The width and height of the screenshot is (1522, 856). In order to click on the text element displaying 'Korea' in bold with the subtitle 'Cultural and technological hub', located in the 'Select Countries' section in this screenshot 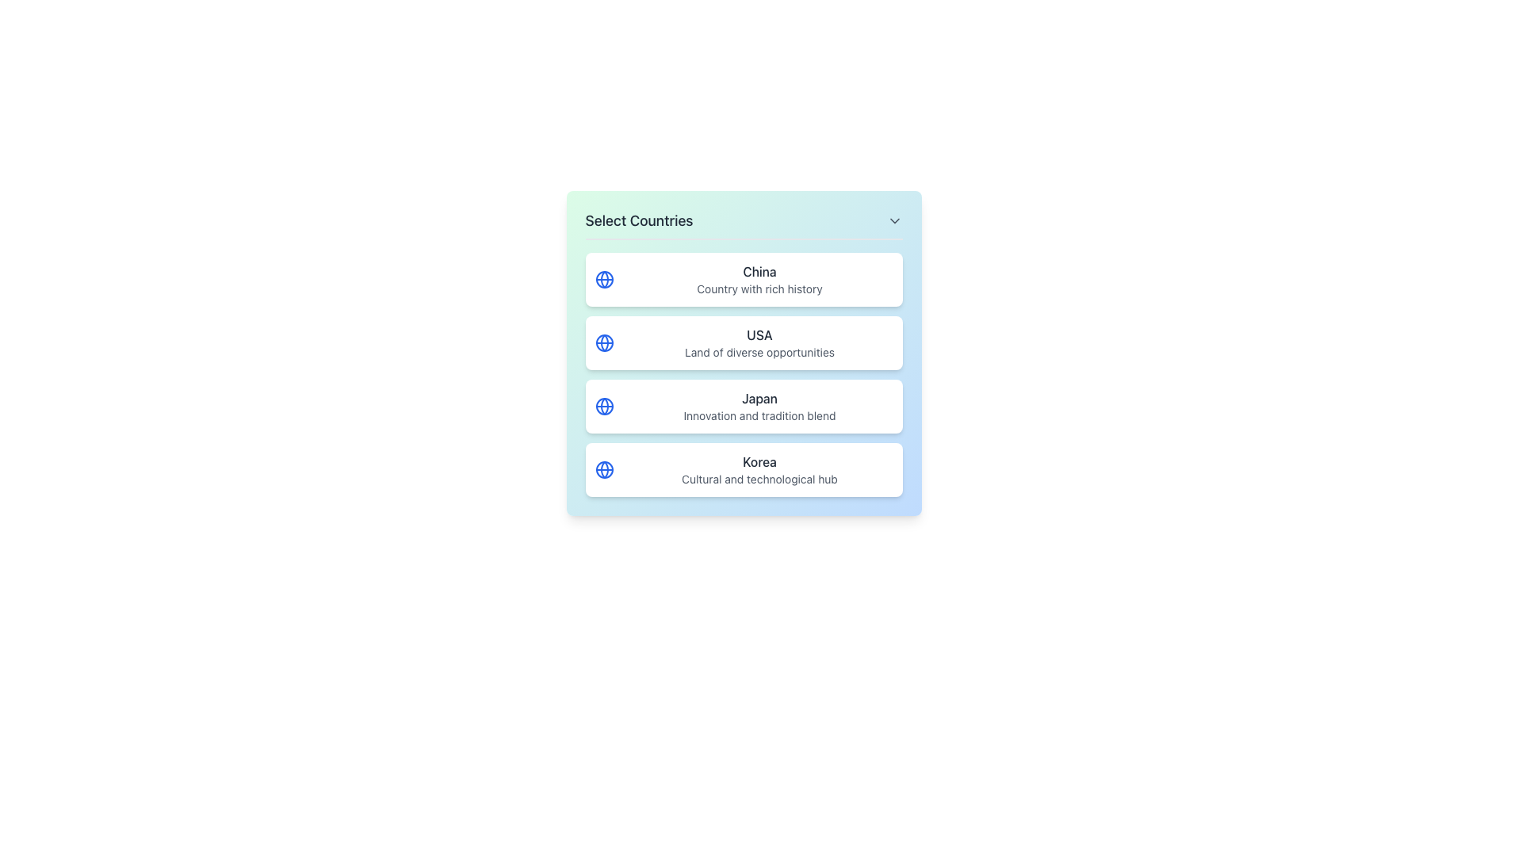, I will do `click(759, 469)`.